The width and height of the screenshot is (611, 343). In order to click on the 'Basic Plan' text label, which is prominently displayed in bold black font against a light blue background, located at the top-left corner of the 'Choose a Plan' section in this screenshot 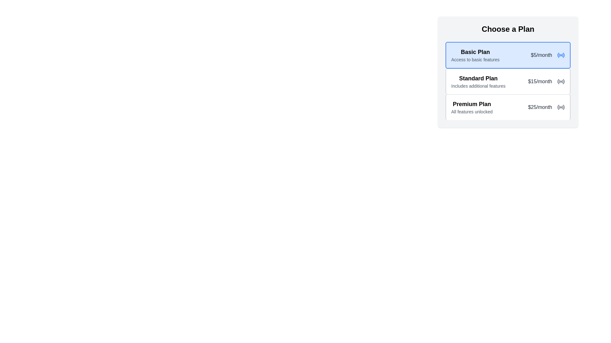, I will do `click(475, 52)`.